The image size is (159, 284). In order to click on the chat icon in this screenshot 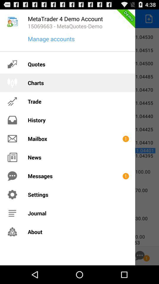, I will do `click(140, 273)`.